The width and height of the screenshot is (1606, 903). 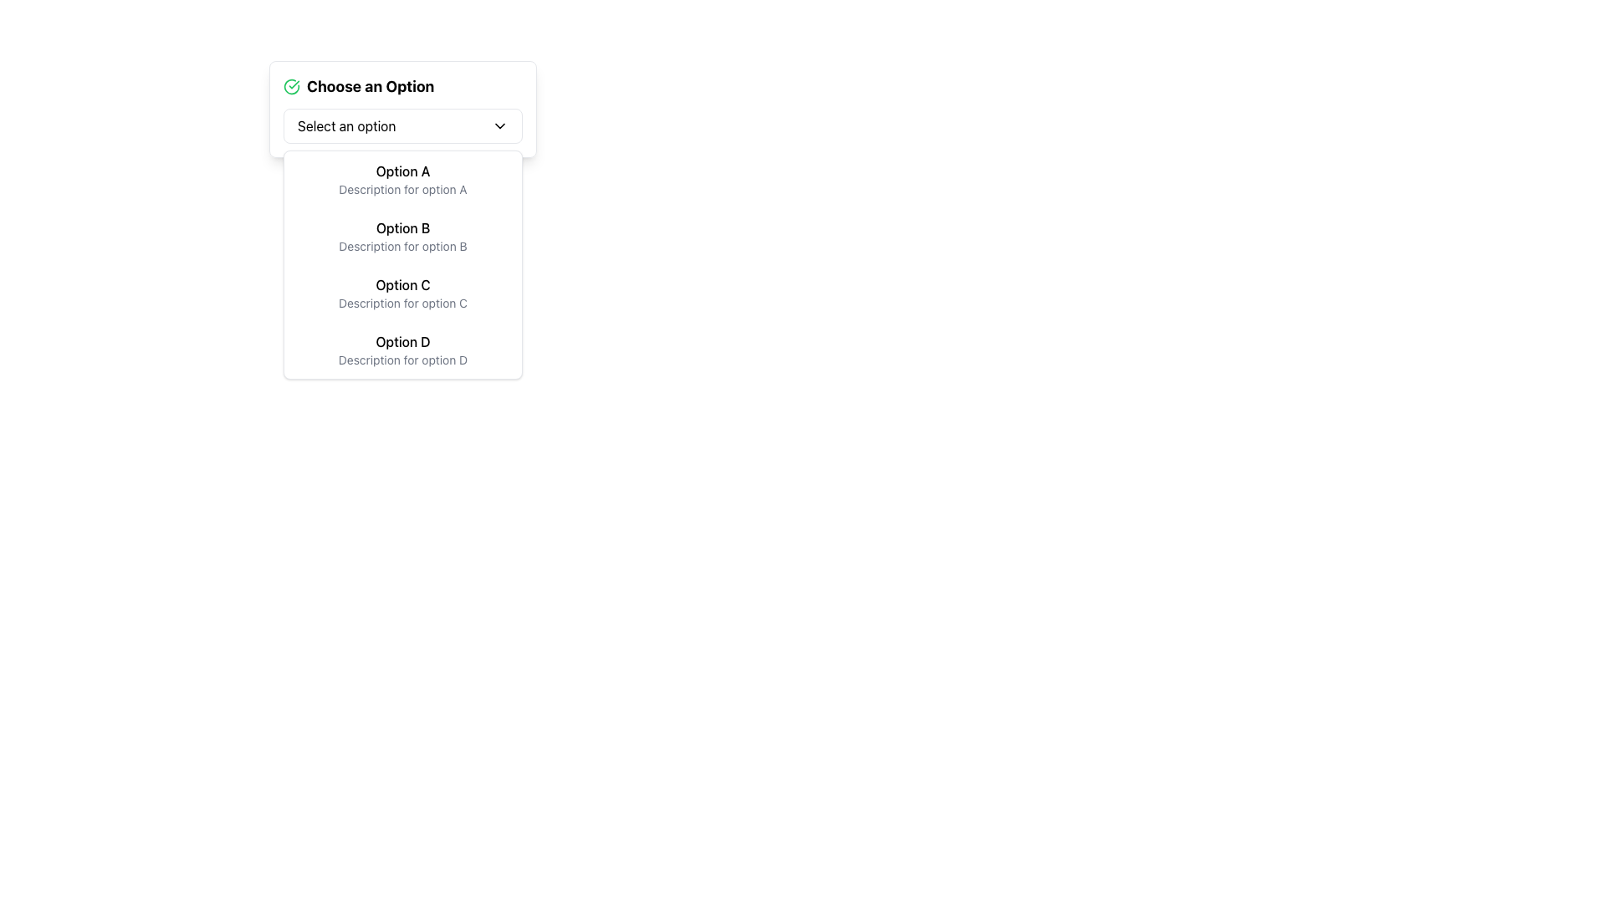 I want to click on the selectable list item, so click(x=402, y=349).